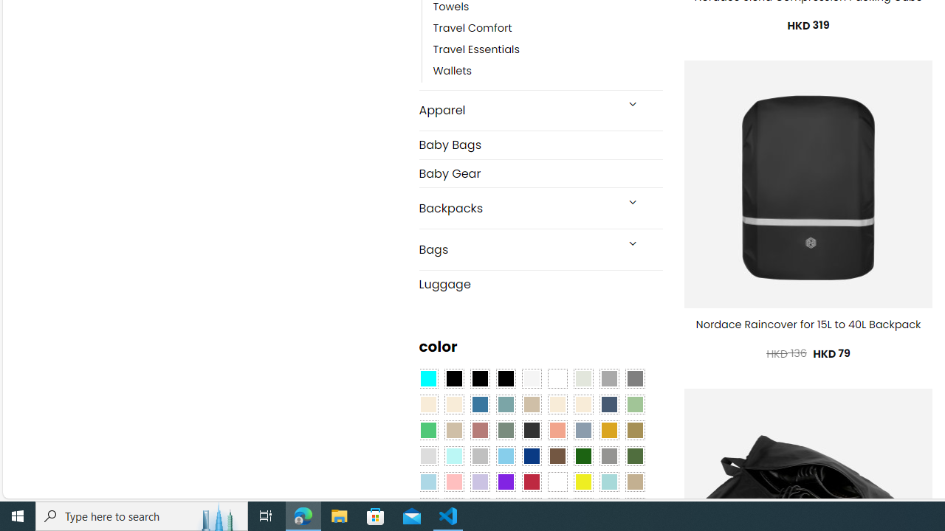 Image resolution: width=945 pixels, height=531 pixels. I want to click on 'Cream', so click(582, 405).